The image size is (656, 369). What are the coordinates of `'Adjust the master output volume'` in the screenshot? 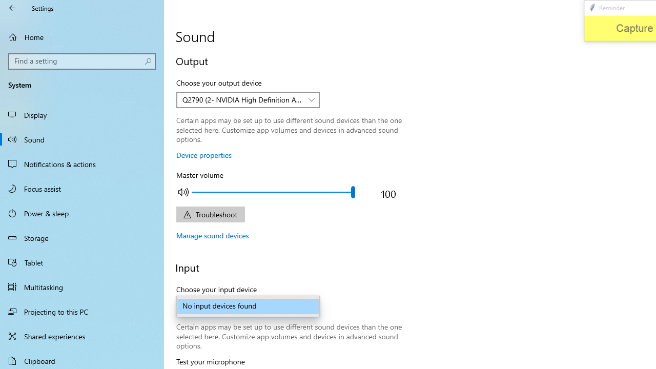 It's located at (273, 192).